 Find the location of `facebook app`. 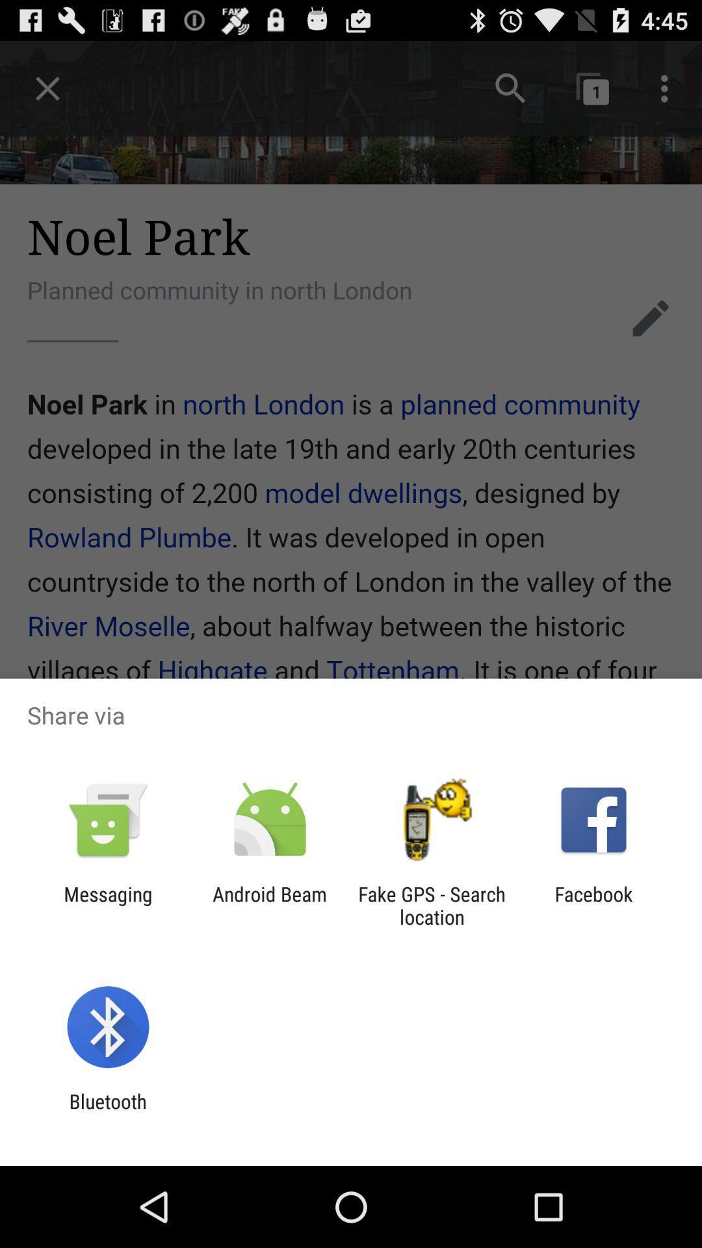

facebook app is located at coordinates (593, 905).